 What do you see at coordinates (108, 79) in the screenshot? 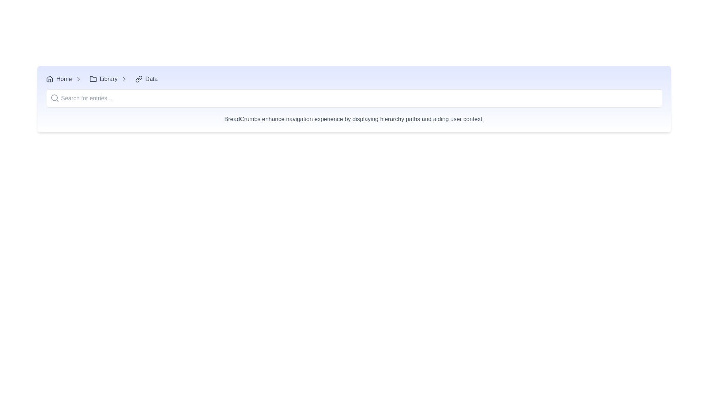
I see `breadcrumb navigation label indicating the current or next navigational step in the hierarchy, located to the right of the folder icon in the navigation bar` at bounding box center [108, 79].